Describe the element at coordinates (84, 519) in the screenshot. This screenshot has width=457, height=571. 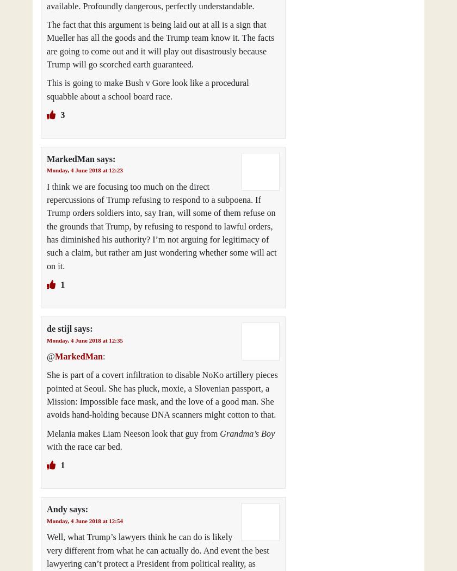
I see `'Monday, 4 June 2018 at 12:54'` at that location.